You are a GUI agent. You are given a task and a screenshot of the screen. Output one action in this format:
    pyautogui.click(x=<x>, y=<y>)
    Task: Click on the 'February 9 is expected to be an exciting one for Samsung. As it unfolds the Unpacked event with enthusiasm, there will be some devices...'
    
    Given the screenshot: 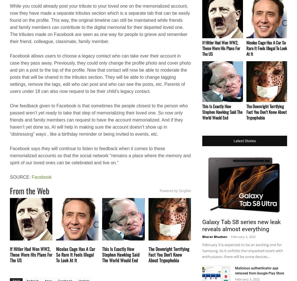 What is the action you would take?
    pyautogui.click(x=242, y=250)
    